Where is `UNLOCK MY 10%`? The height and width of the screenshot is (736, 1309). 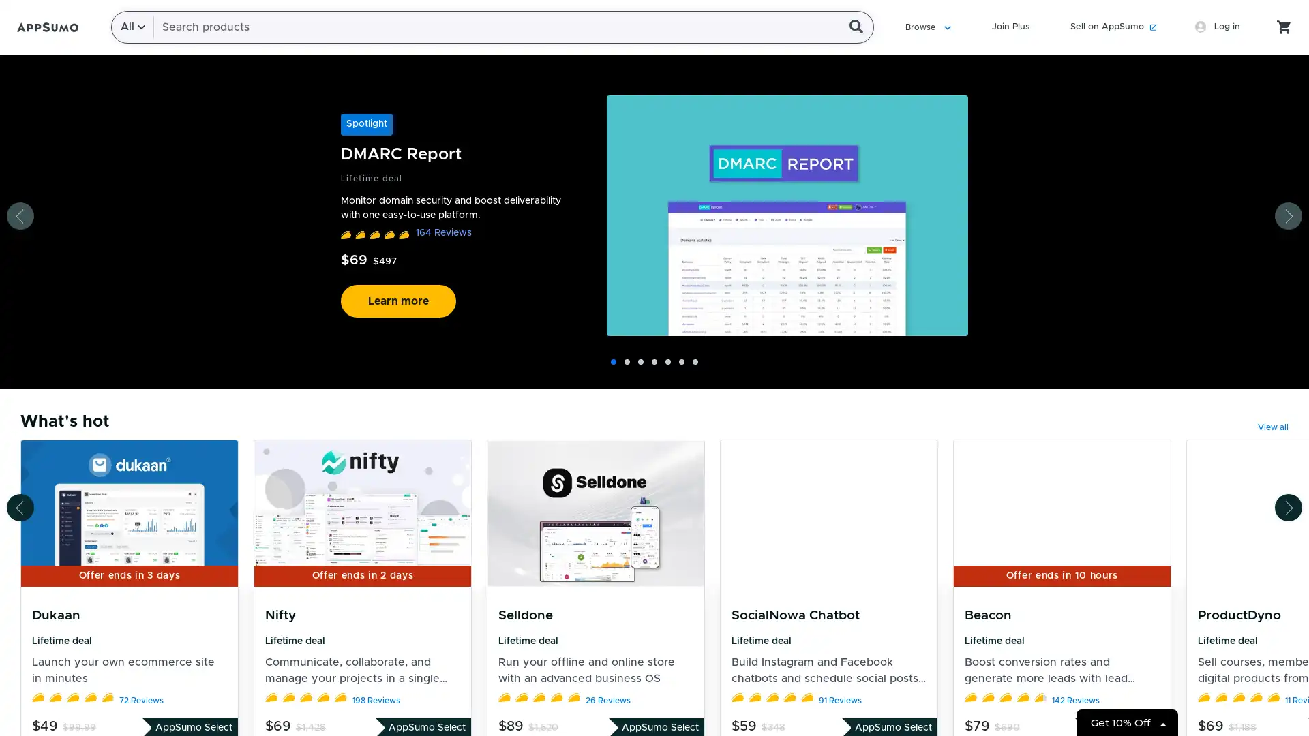 UNLOCK MY 10% is located at coordinates (658, 331).